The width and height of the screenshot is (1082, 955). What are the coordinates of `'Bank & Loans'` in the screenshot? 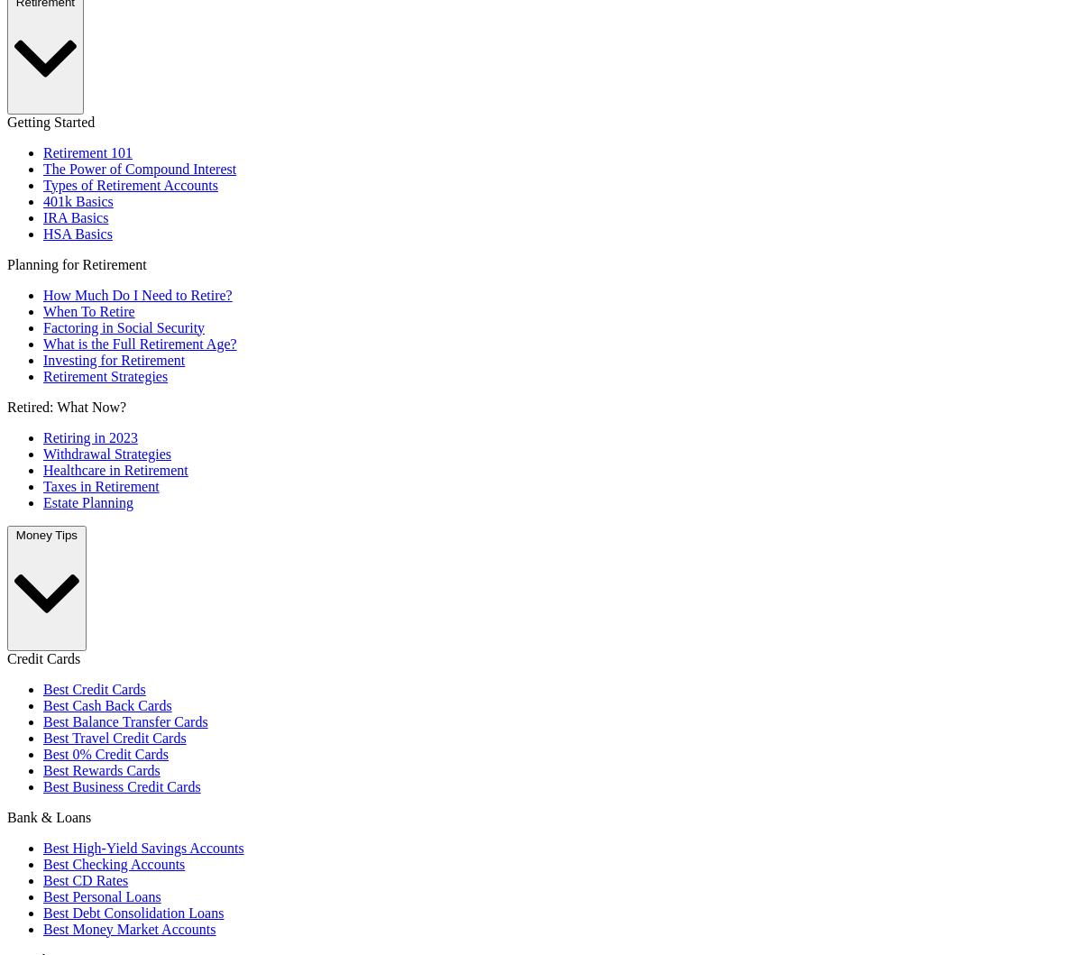 It's located at (49, 816).